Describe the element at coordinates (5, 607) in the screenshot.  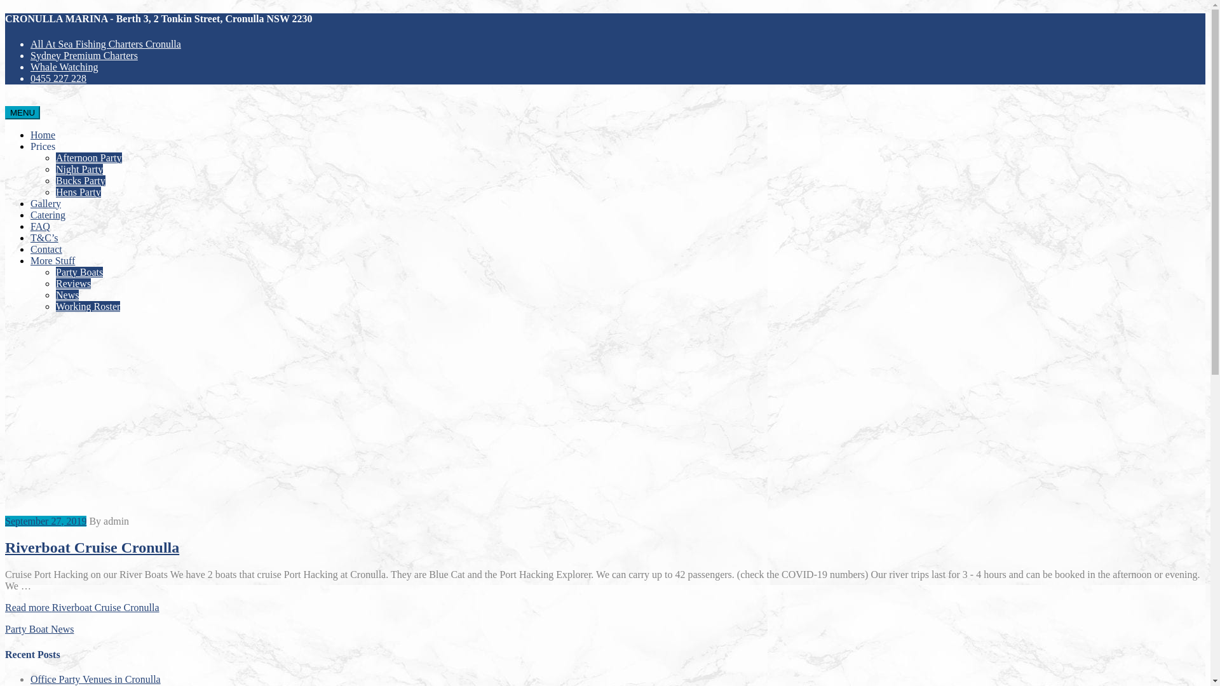
I see `'Read more Riverboat Cruise Cronulla'` at that location.